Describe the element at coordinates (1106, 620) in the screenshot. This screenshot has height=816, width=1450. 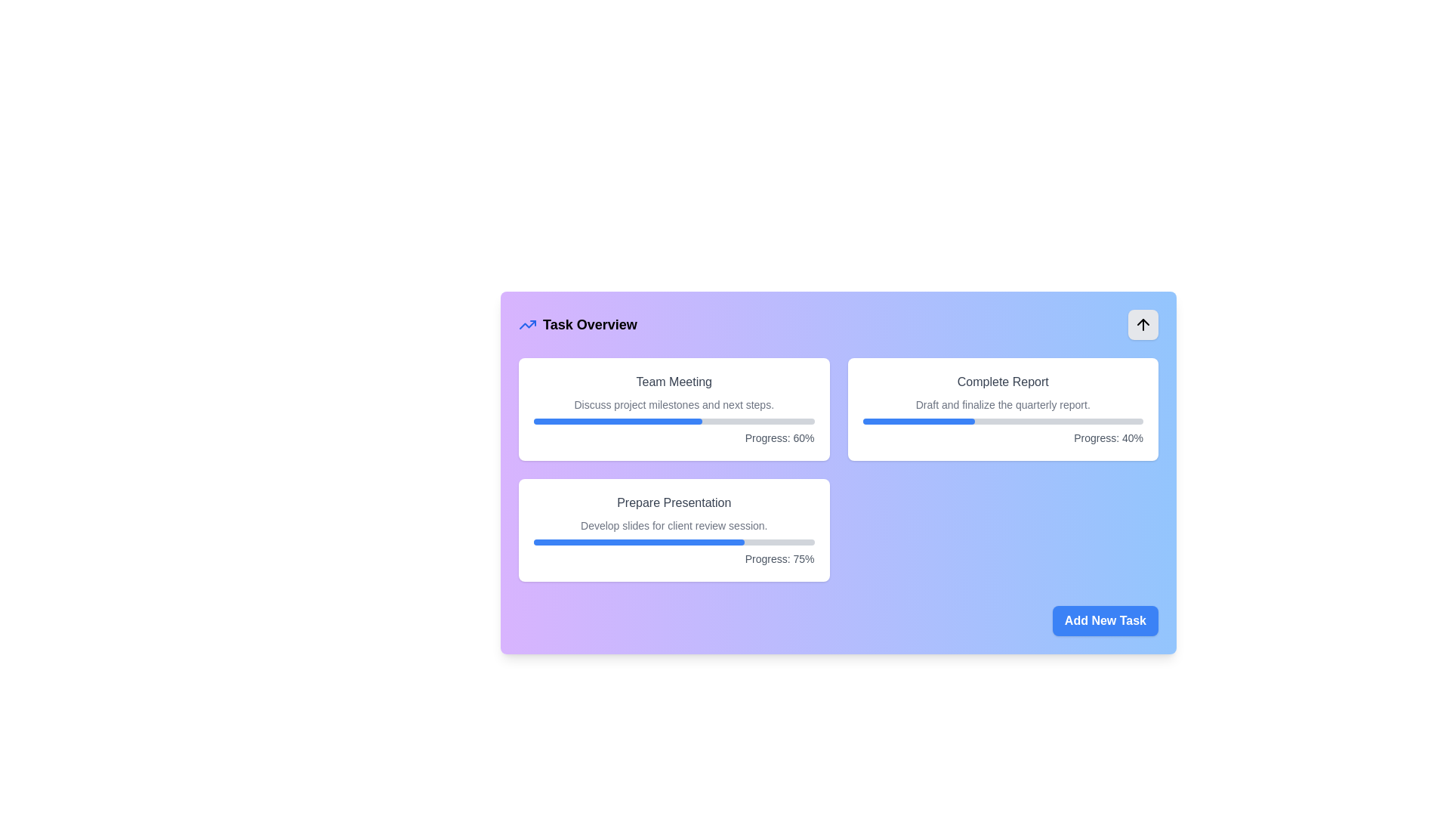
I see `the button located at the bottom-right corner of the task overview interface to initiate the action of adding a new task` at that location.